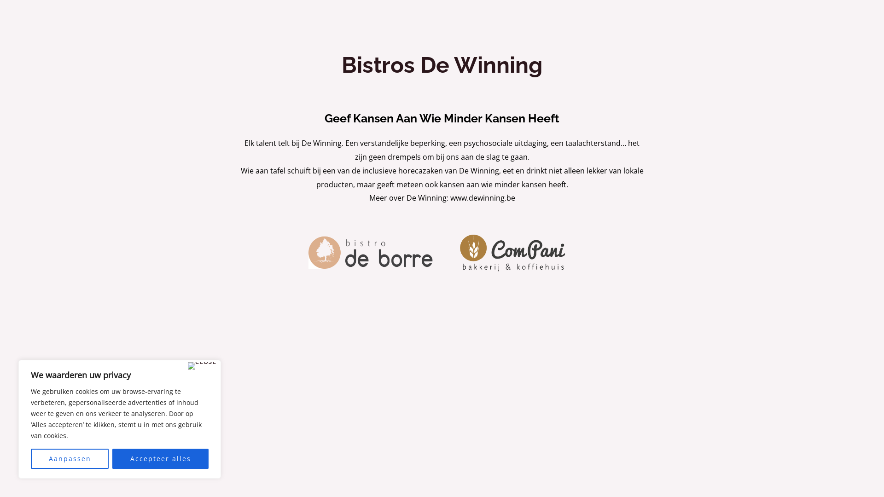 The width and height of the screenshot is (884, 497). Describe the element at coordinates (482, 197) in the screenshot. I see `'www.dewinning.be'` at that location.